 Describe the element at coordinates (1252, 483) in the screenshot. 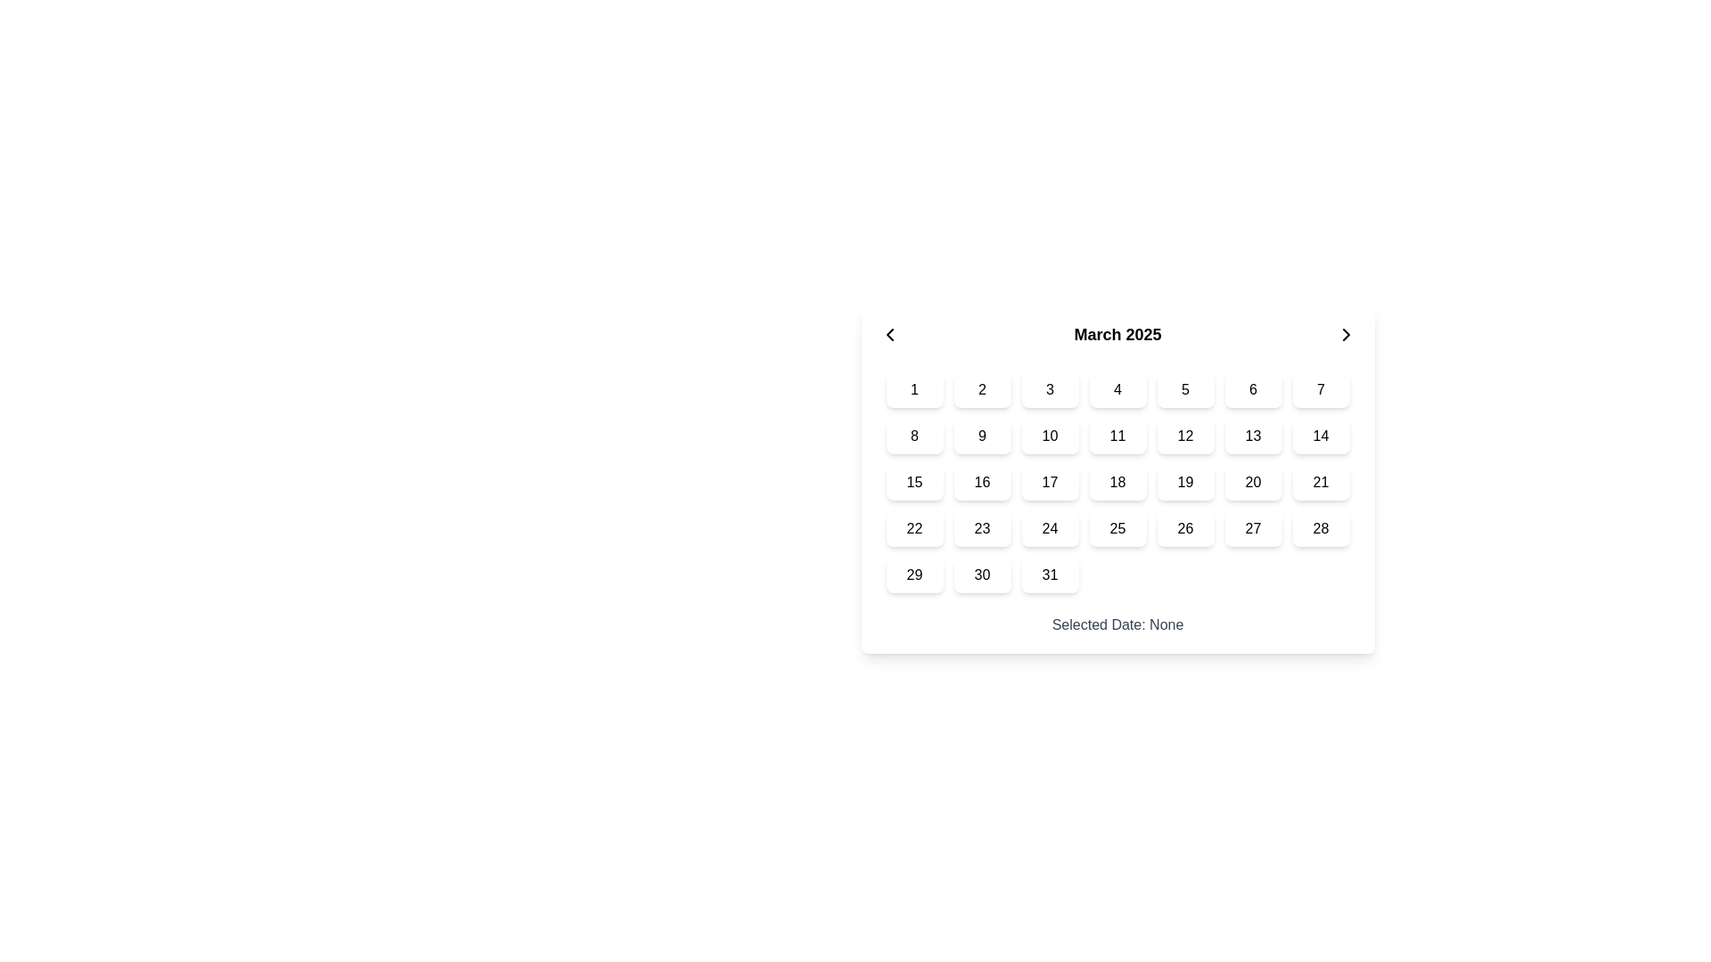

I see `the rectangular button with rounded corners displaying the number '20' in bold text, located in the 3rd row and 6th column of the date selector grid` at that location.